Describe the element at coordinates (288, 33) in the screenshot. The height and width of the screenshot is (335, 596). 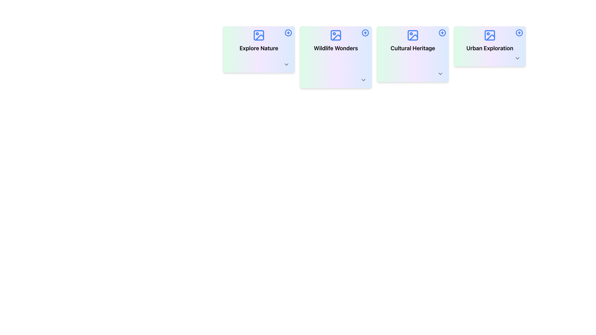
I see `the icon button located in the top-right corner of the 'Explore Nature' card` at that location.